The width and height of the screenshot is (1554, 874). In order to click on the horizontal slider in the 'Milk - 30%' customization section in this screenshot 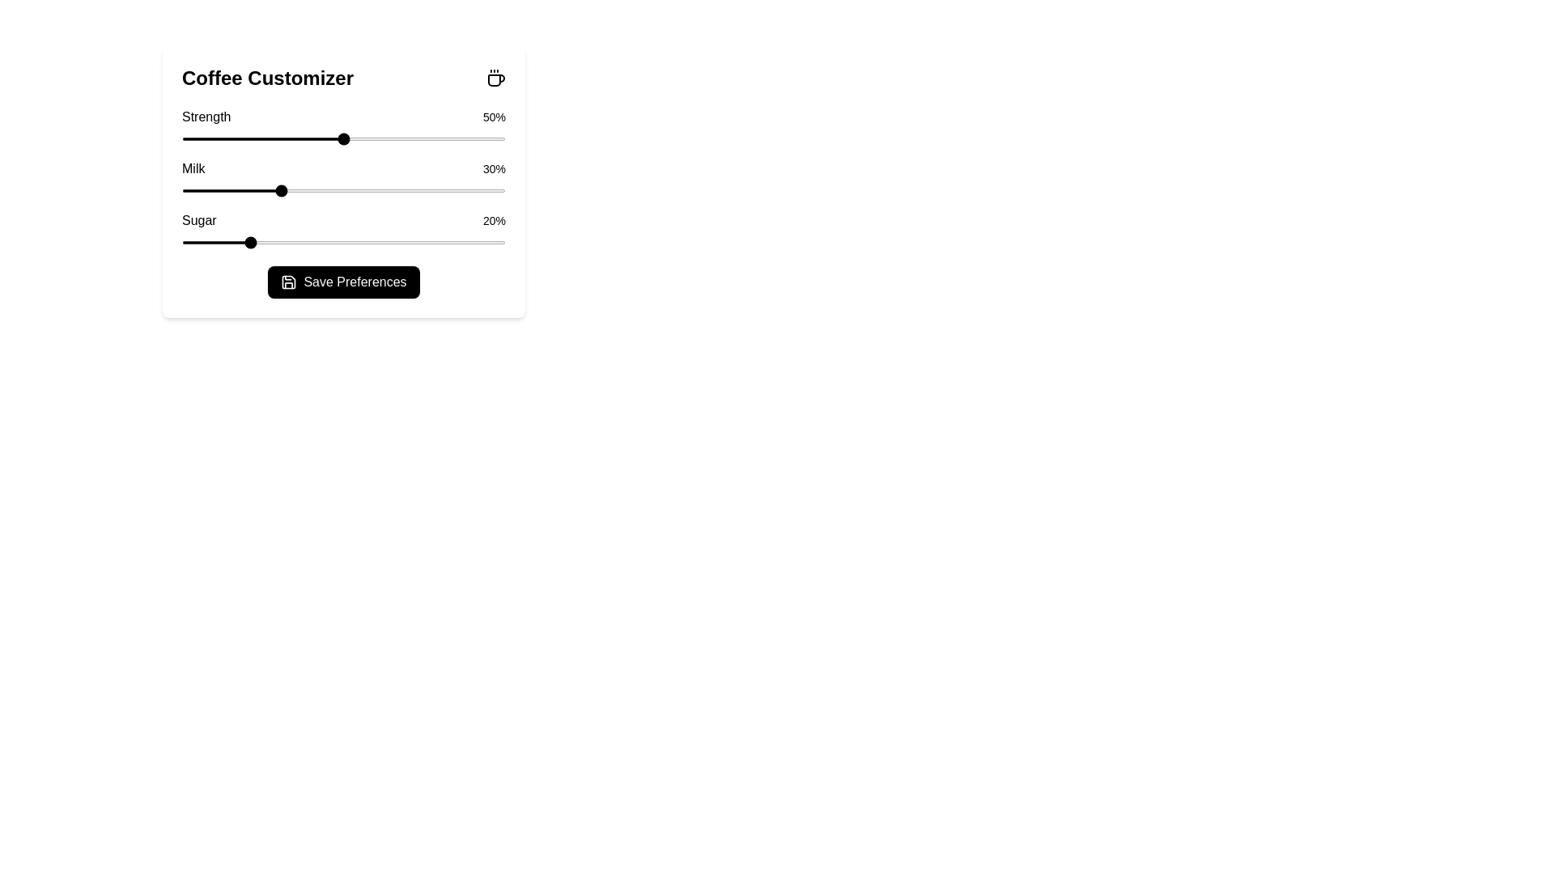, I will do `click(343, 189)`.